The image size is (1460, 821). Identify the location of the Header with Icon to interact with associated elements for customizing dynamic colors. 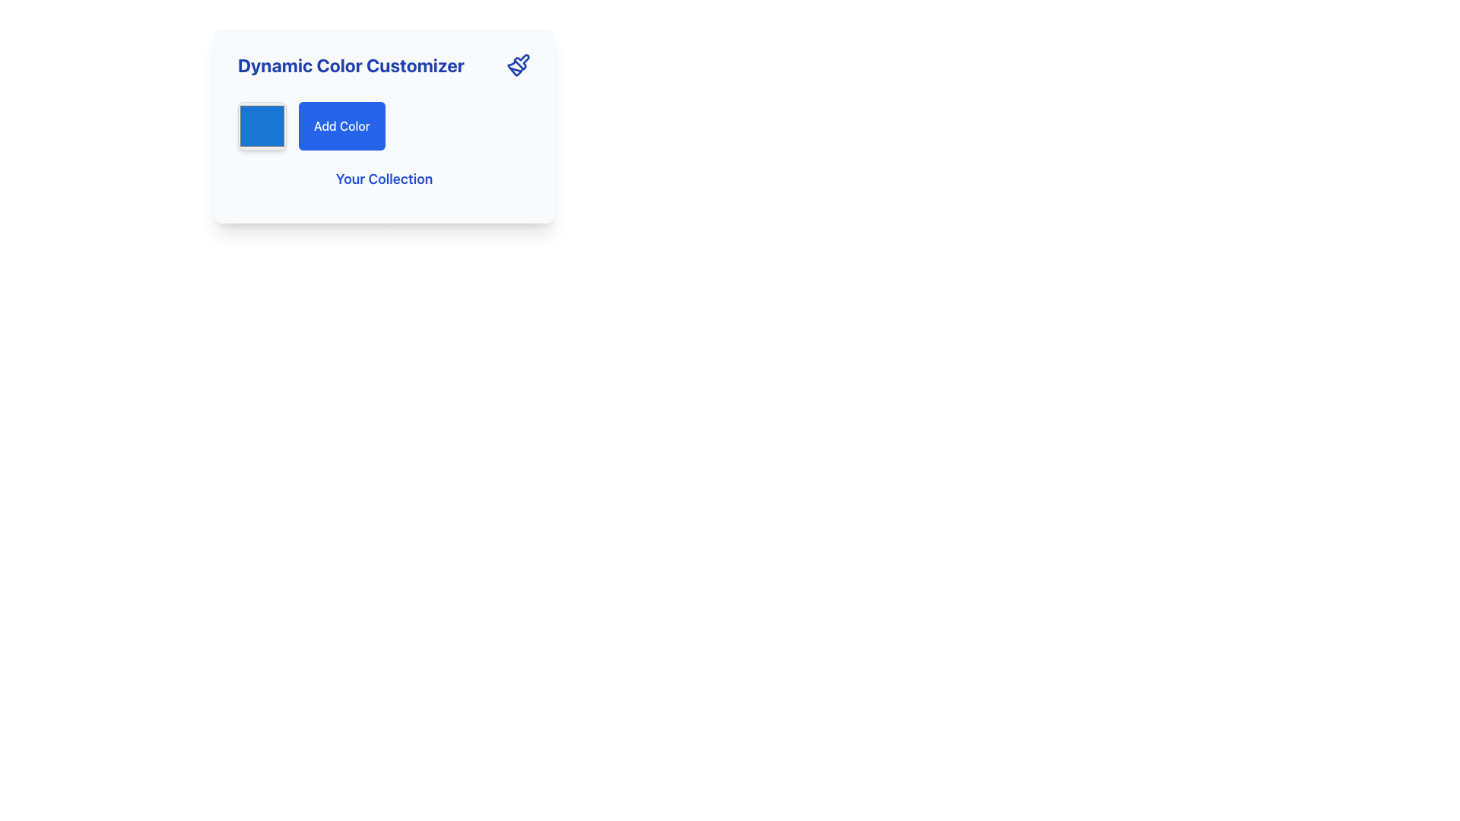
(384, 64).